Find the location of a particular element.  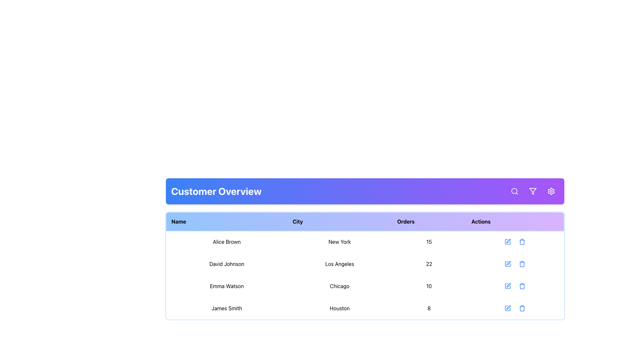

the 'edit' icon located in the first row of the 'Actions' column is located at coordinates (508, 241).